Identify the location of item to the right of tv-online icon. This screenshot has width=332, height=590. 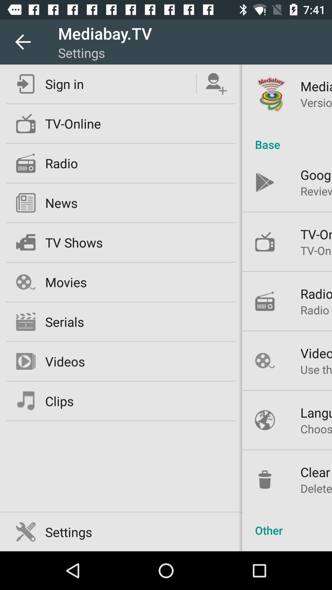
(287, 138).